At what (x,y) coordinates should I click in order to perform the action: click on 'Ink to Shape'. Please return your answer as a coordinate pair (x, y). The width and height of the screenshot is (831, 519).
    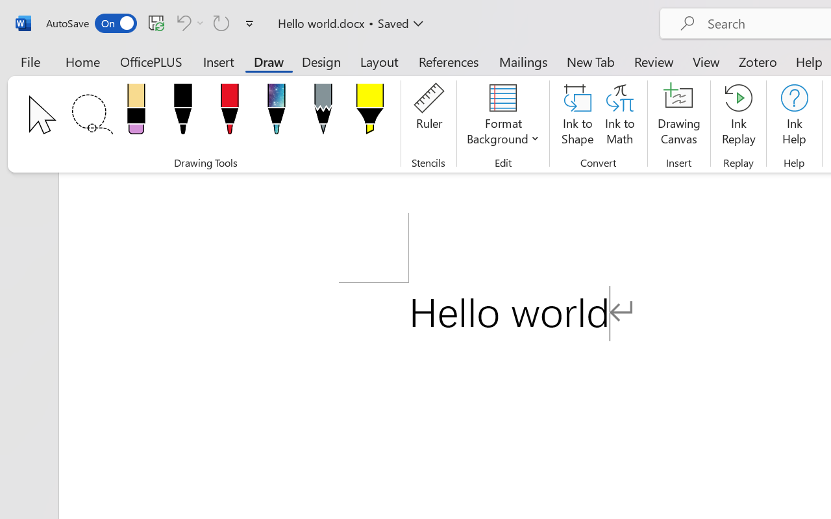
    Looking at the image, I should click on (577, 116).